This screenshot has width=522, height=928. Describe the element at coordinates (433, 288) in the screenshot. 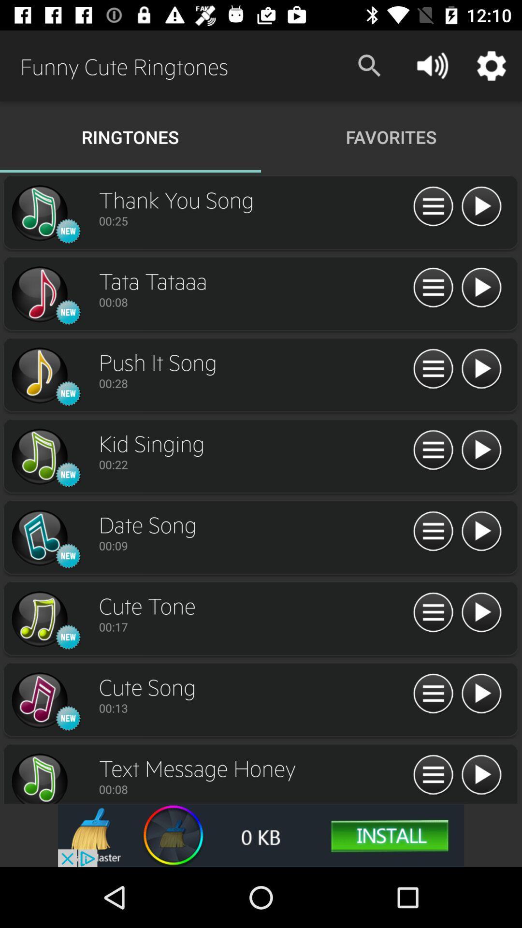

I see `display song information` at that location.